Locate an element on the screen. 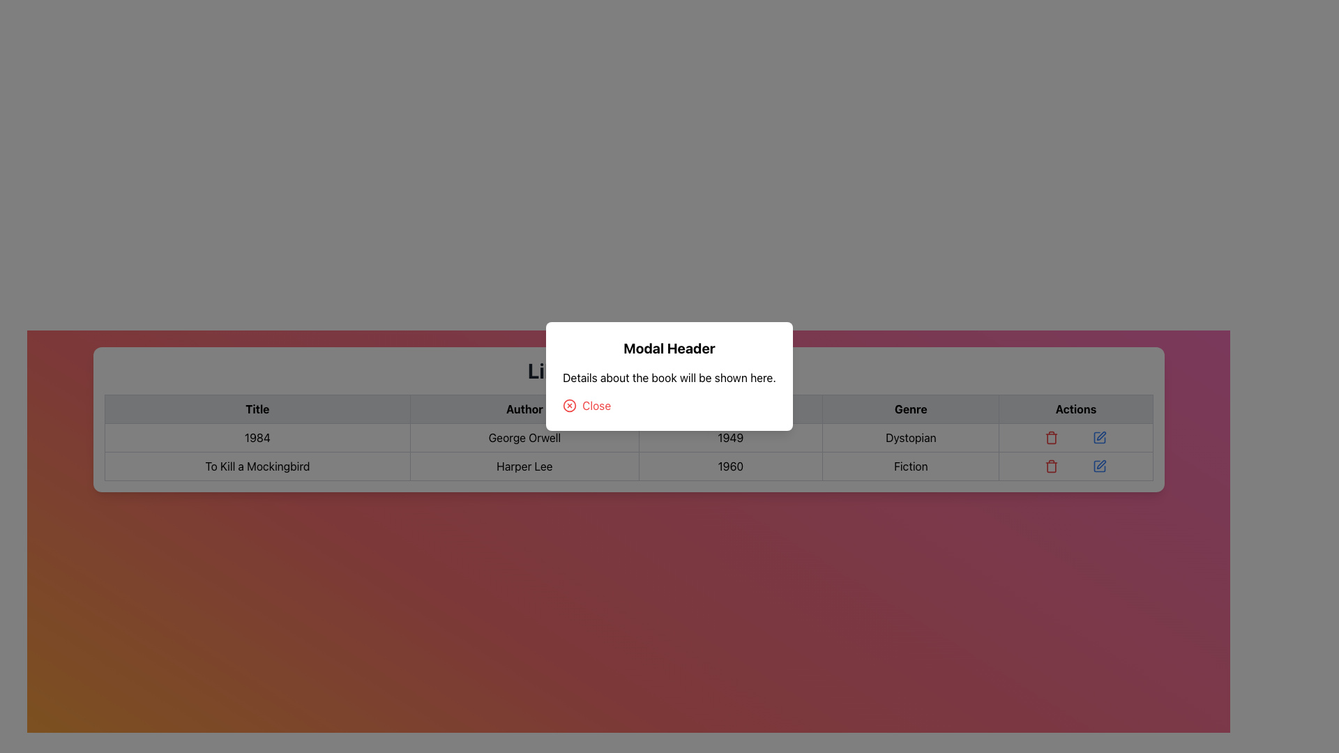 This screenshot has width=1339, height=753. the 'Author' column header in the data table, which is the second header in a row of five, located between 'Title' and 'Published' is located at coordinates (524, 408).